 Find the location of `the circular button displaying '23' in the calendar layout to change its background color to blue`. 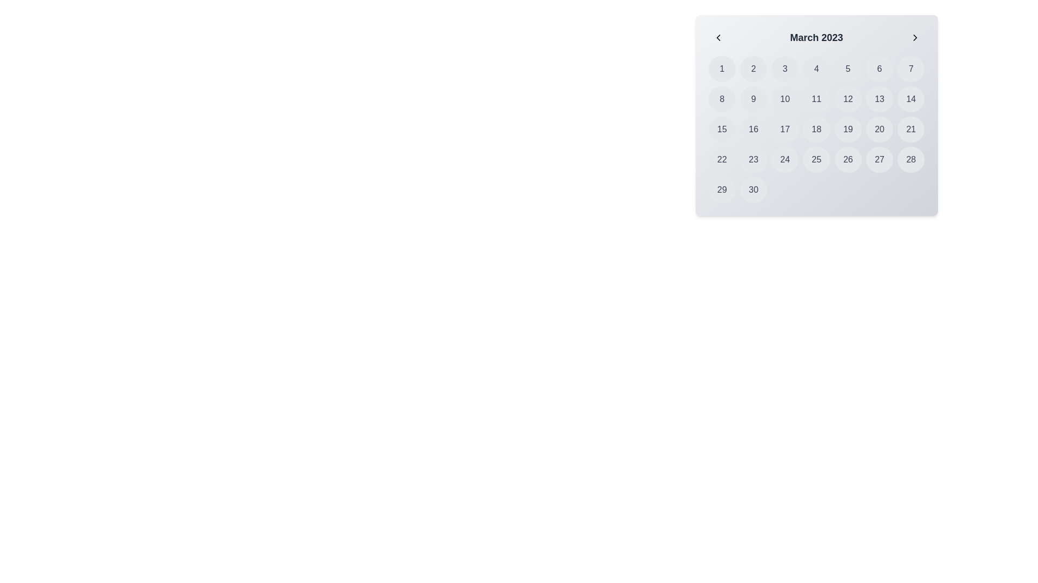

the circular button displaying '23' in the calendar layout to change its background color to blue is located at coordinates (753, 160).